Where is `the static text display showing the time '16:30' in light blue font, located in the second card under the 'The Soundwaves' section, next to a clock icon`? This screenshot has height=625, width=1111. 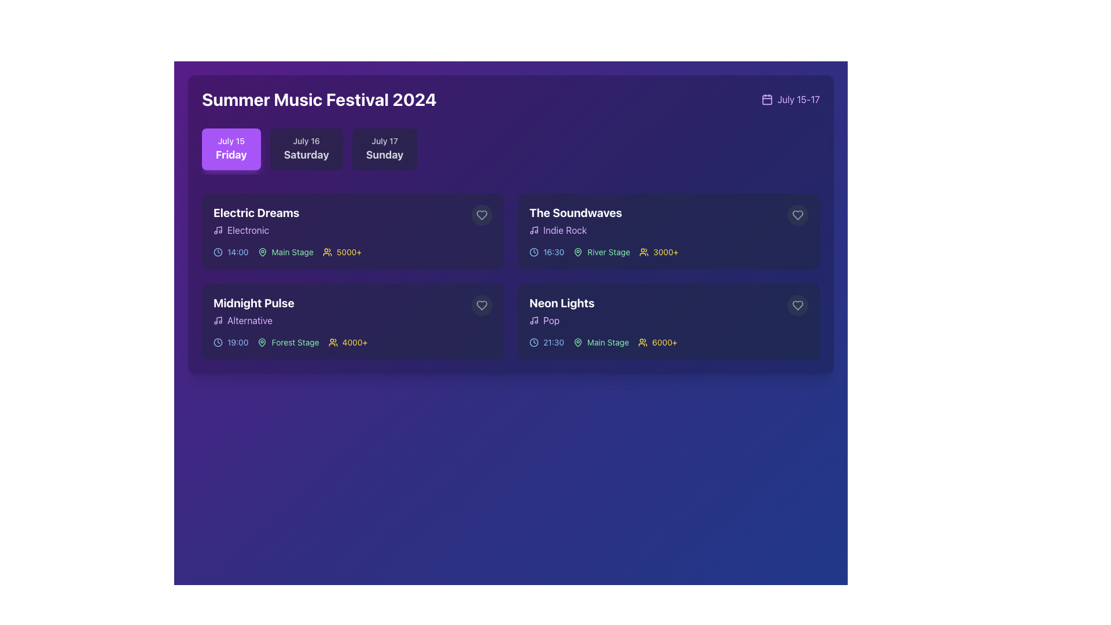 the static text display showing the time '16:30' in light blue font, located in the second card under the 'The Soundwaves' section, next to a clock icon is located at coordinates (553, 251).